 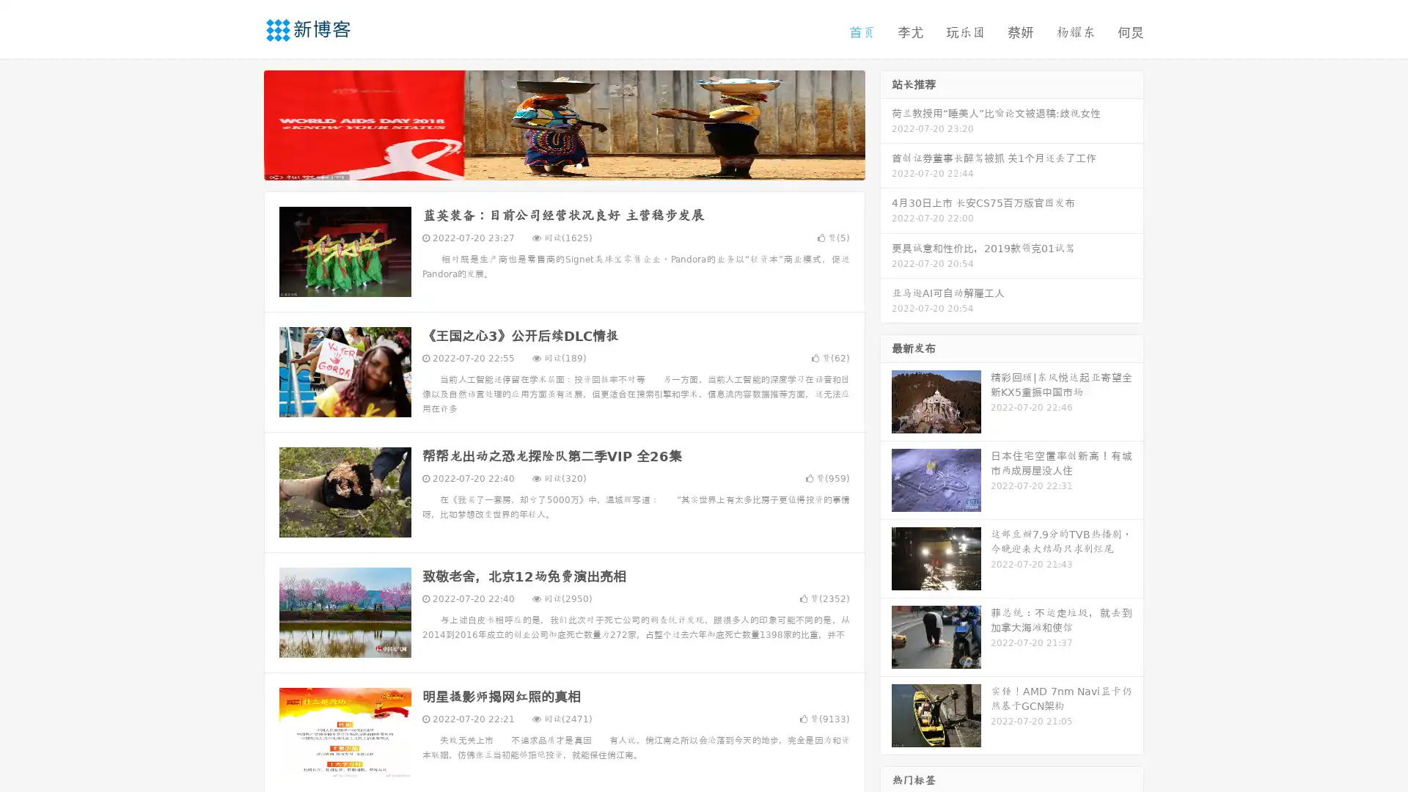 What do you see at coordinates (549, 165) in the screenshot?
I see `Go to slide 1` at bounding box center [549, 165].